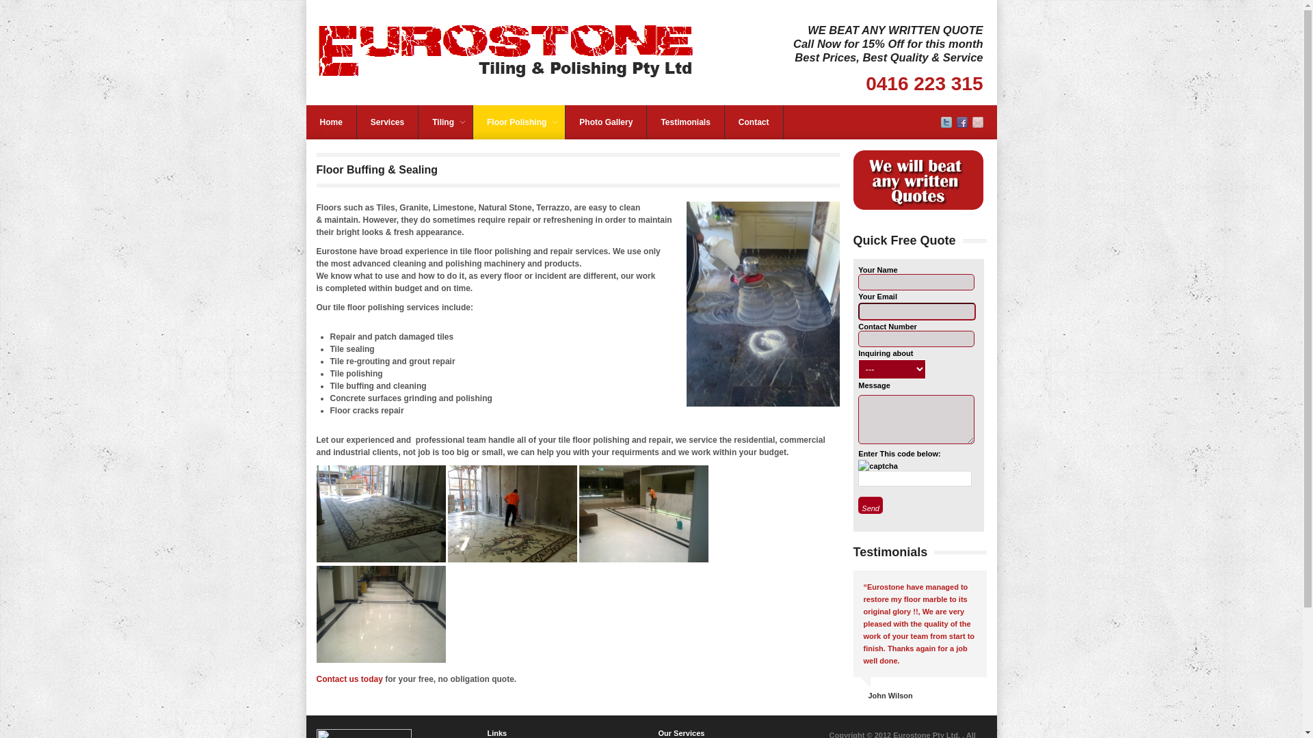  I want to click on 'Services', so click(386, 121).